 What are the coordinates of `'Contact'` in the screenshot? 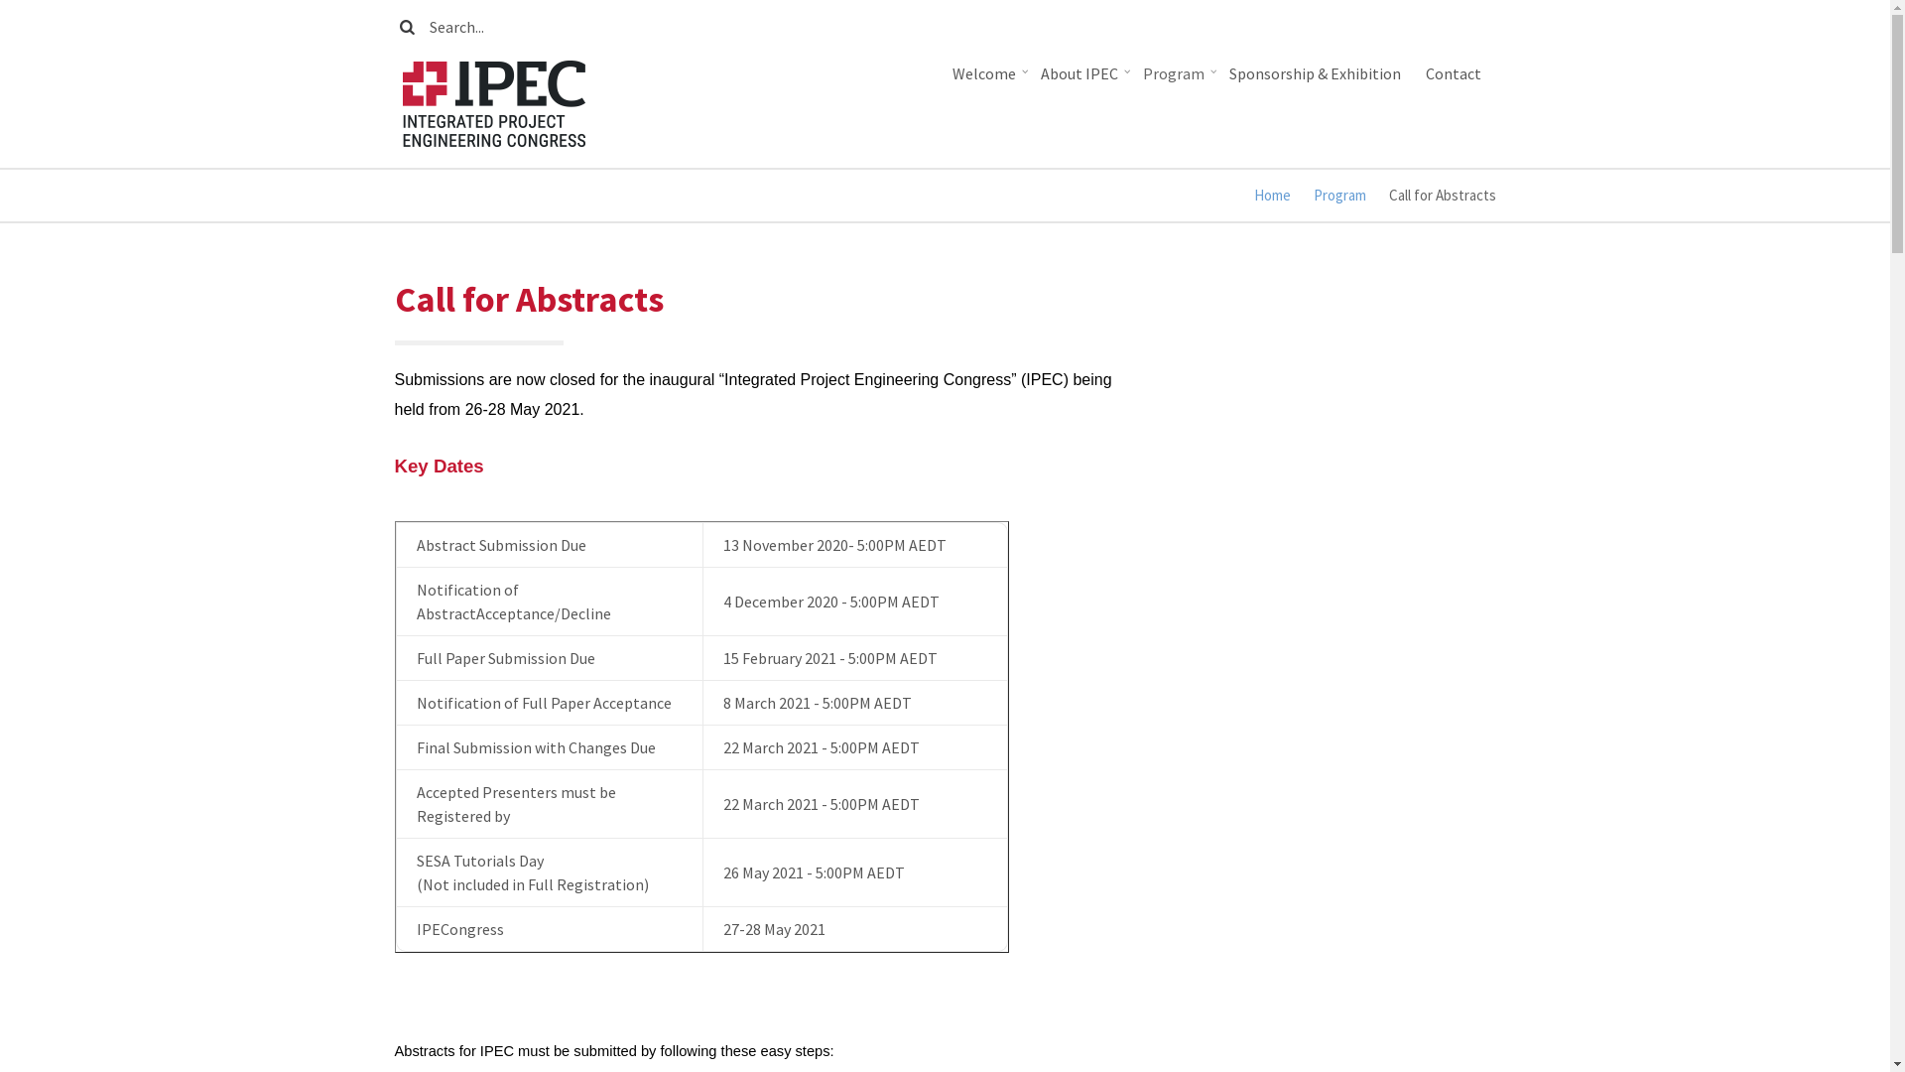 It's located at (1455, 71).